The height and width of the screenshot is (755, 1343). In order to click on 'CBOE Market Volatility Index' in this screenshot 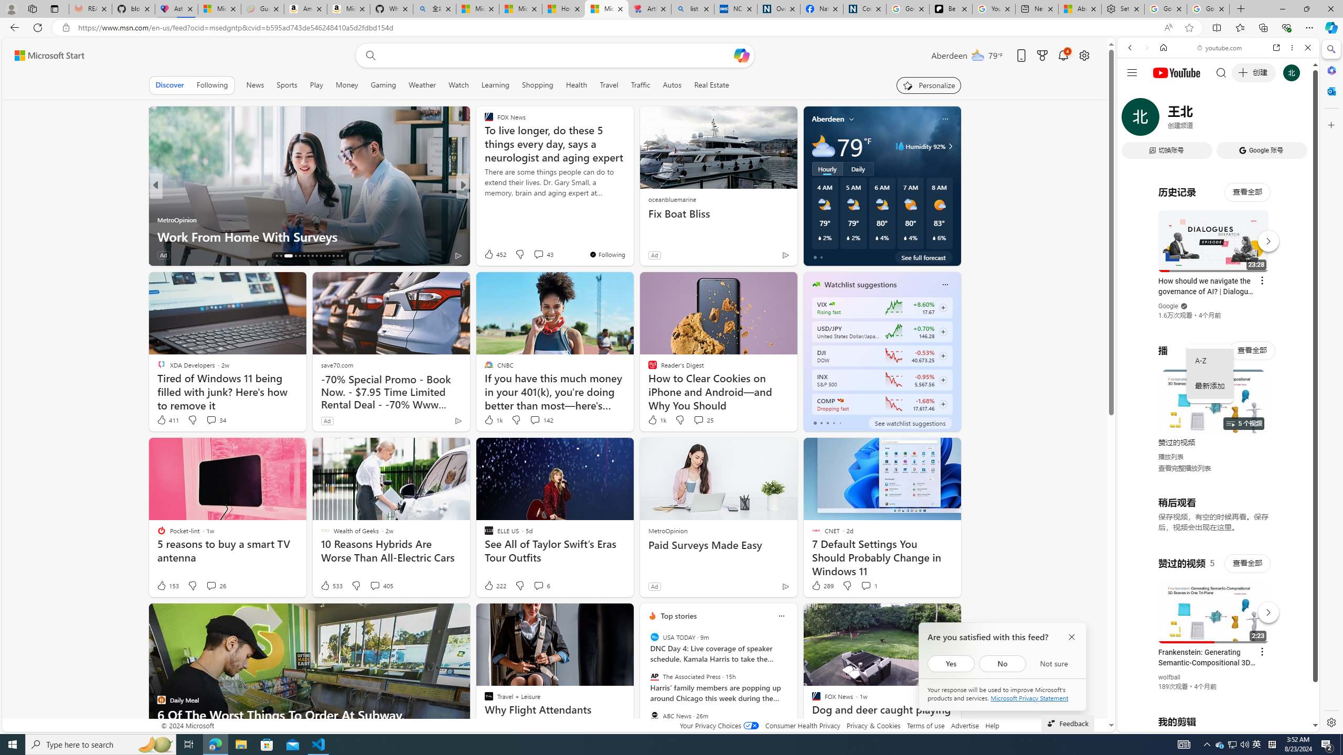, I will do `click(832, 304)`.